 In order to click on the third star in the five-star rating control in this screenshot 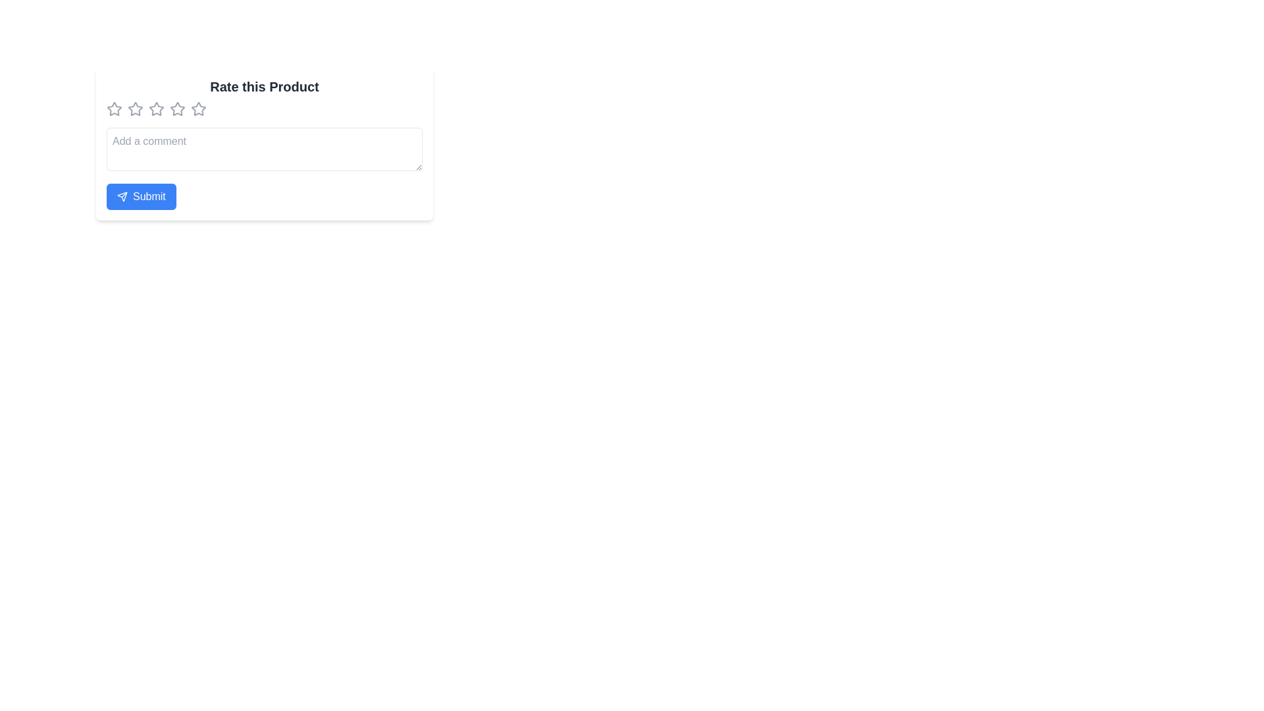, I will do `click(176, 108)`.